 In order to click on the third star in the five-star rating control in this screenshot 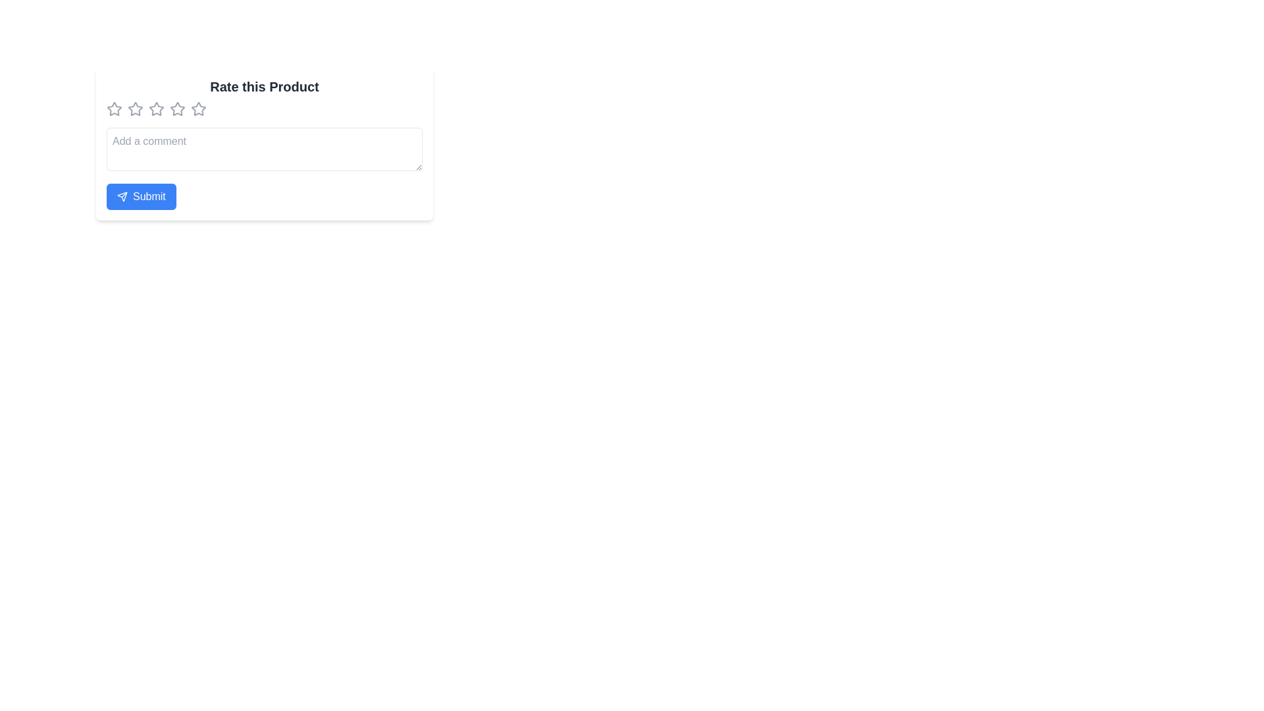, I will do `click(176, 108)`.